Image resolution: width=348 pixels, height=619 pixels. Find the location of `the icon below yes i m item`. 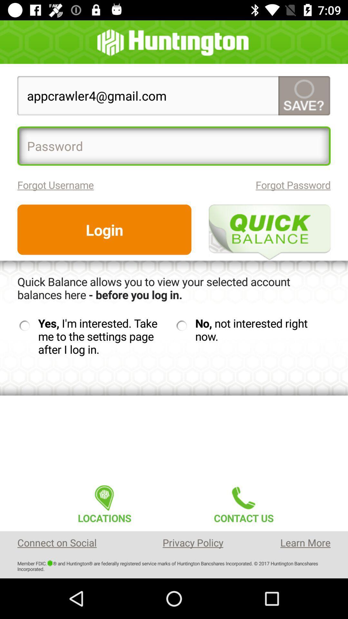

the icon below yes i m item is located at coordinates (104, 502).